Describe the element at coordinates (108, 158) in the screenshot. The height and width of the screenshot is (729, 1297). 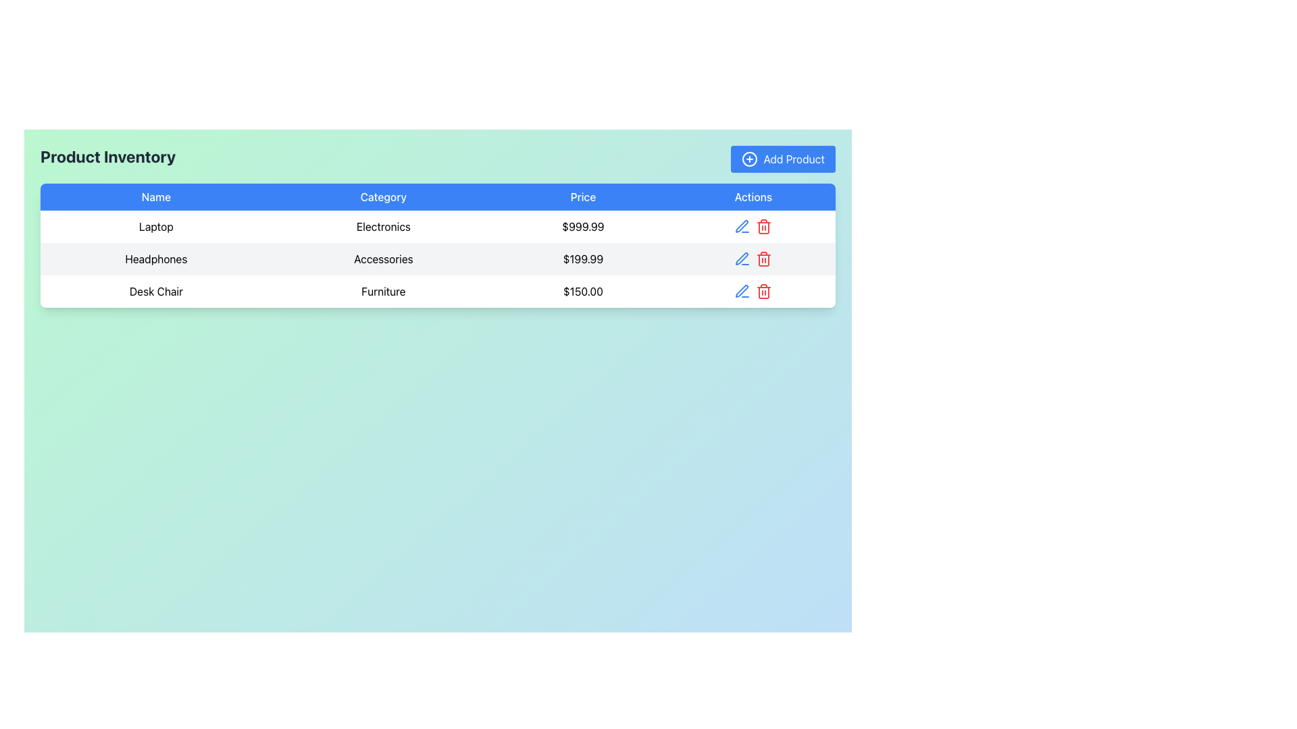
I see `displayed information from the heading that indicates the section deals with 'Product Inventory'` at that location.